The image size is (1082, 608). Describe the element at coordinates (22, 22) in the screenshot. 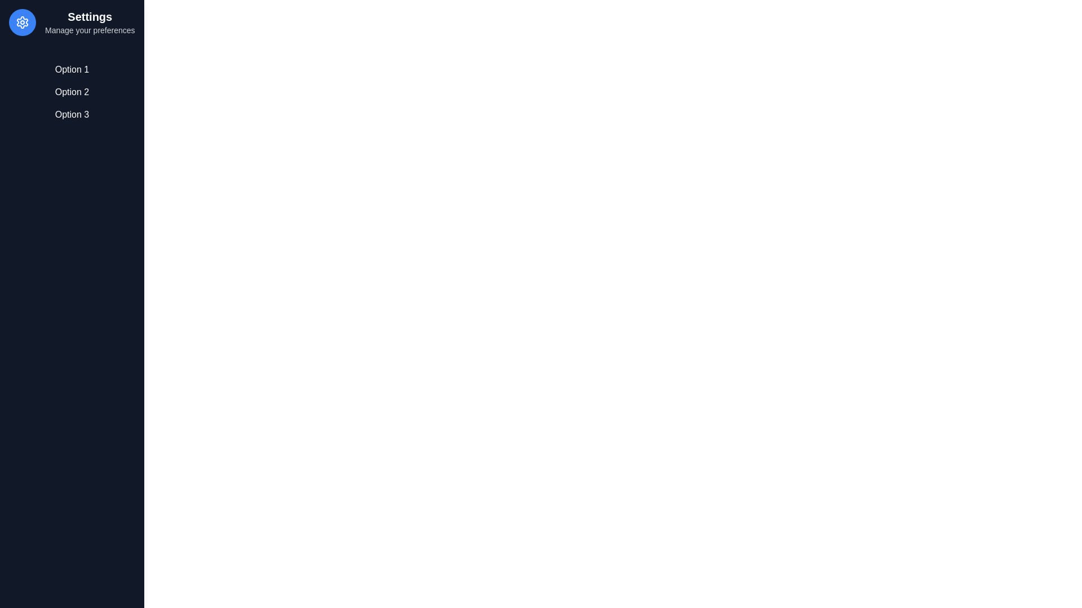

I see `the settings icon located in the top-left corner of the sidebar menu` at that location.